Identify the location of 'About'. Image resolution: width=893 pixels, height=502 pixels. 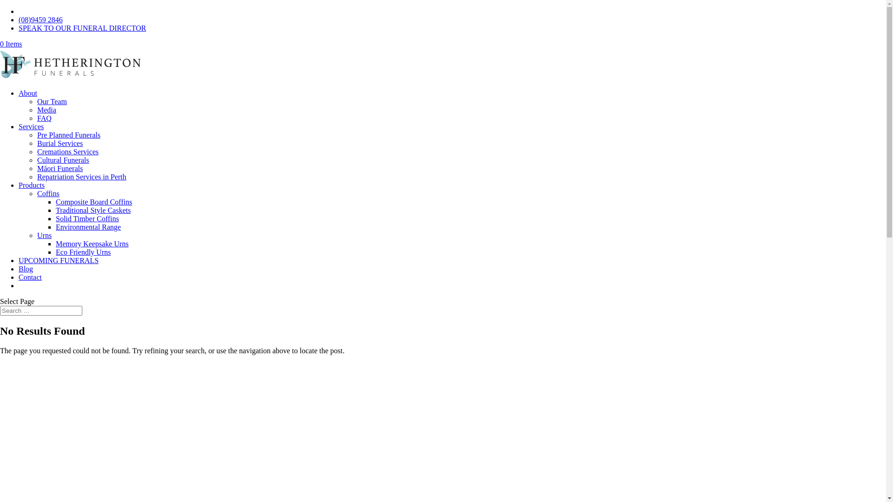
(27, 93).